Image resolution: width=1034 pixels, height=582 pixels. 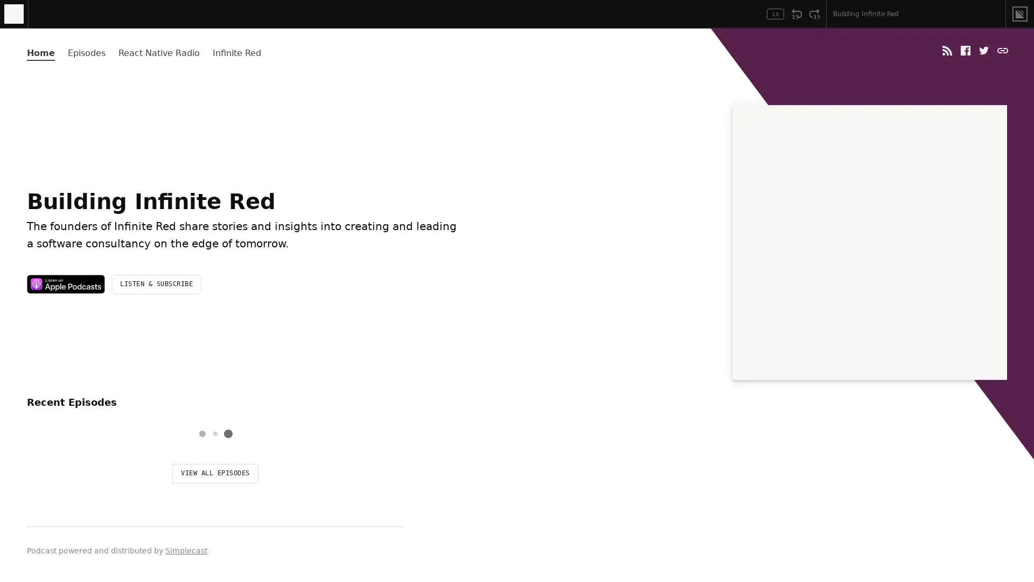 I want to click on Toggle Speed: Current Speed 1x, so click(x=775, y=14).